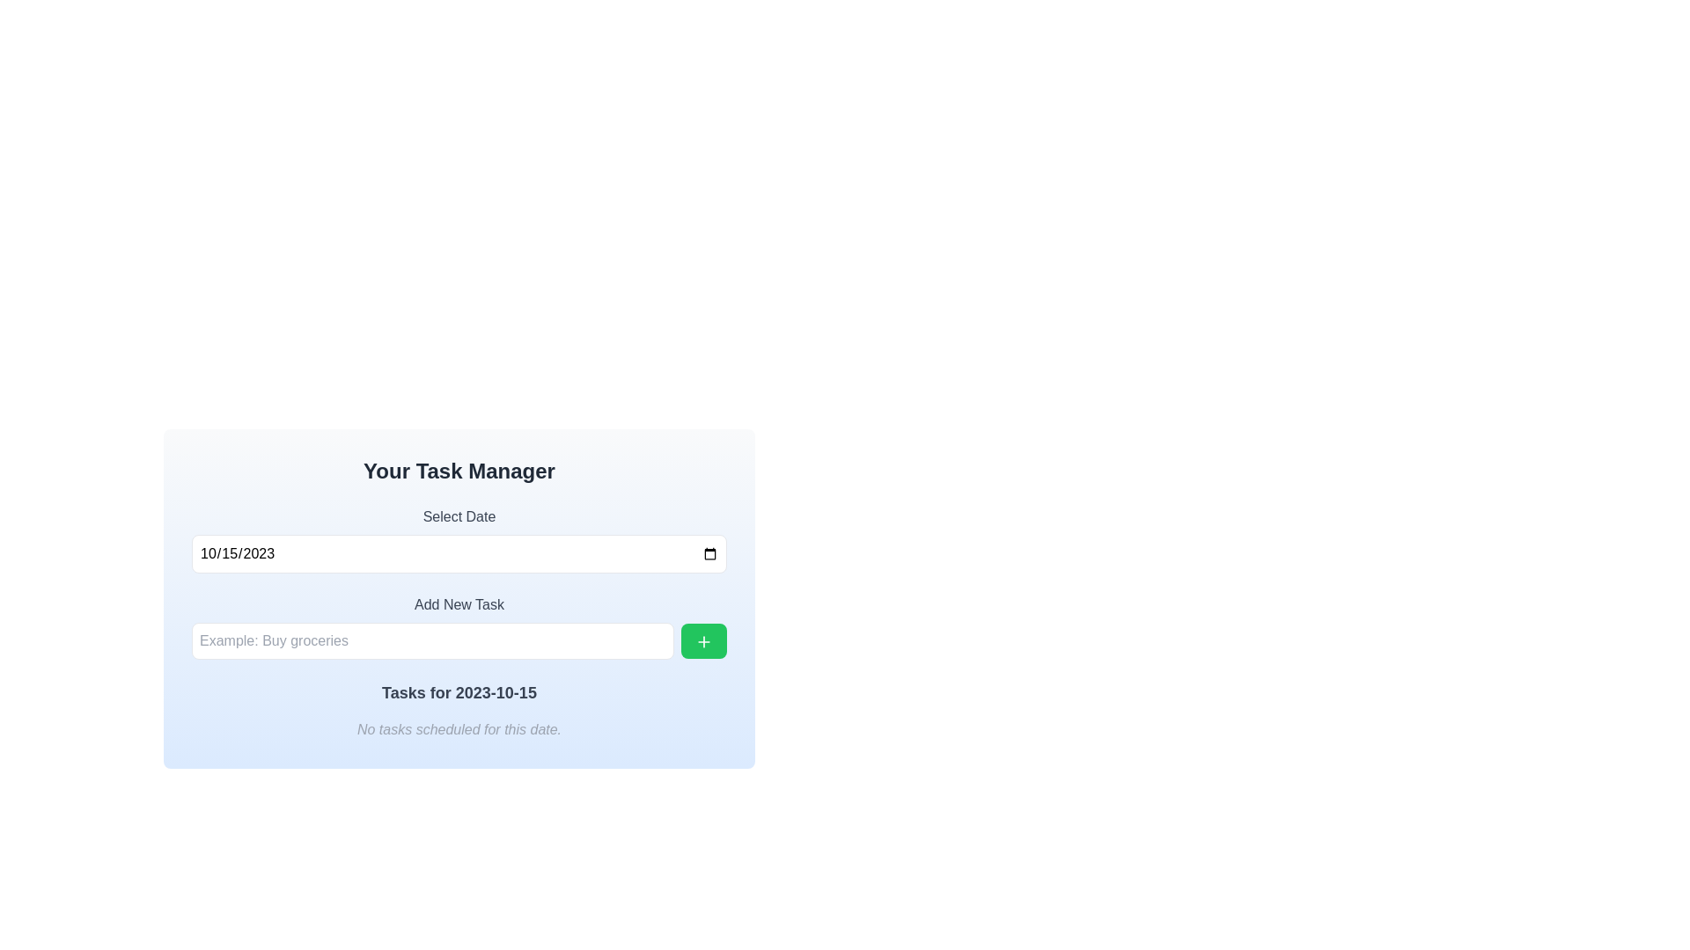 Image resolution: width=1690 pixels, height=950 pixels. What do you see at coordinates (704, 641) in the screenshot?
I see `the green circular Icon button with a white plus symbol for keyboard navigation, located to the right of the 'Example: Buy groceries' text input box in the 'Add New Task' area` at bounding box center [704, 641].